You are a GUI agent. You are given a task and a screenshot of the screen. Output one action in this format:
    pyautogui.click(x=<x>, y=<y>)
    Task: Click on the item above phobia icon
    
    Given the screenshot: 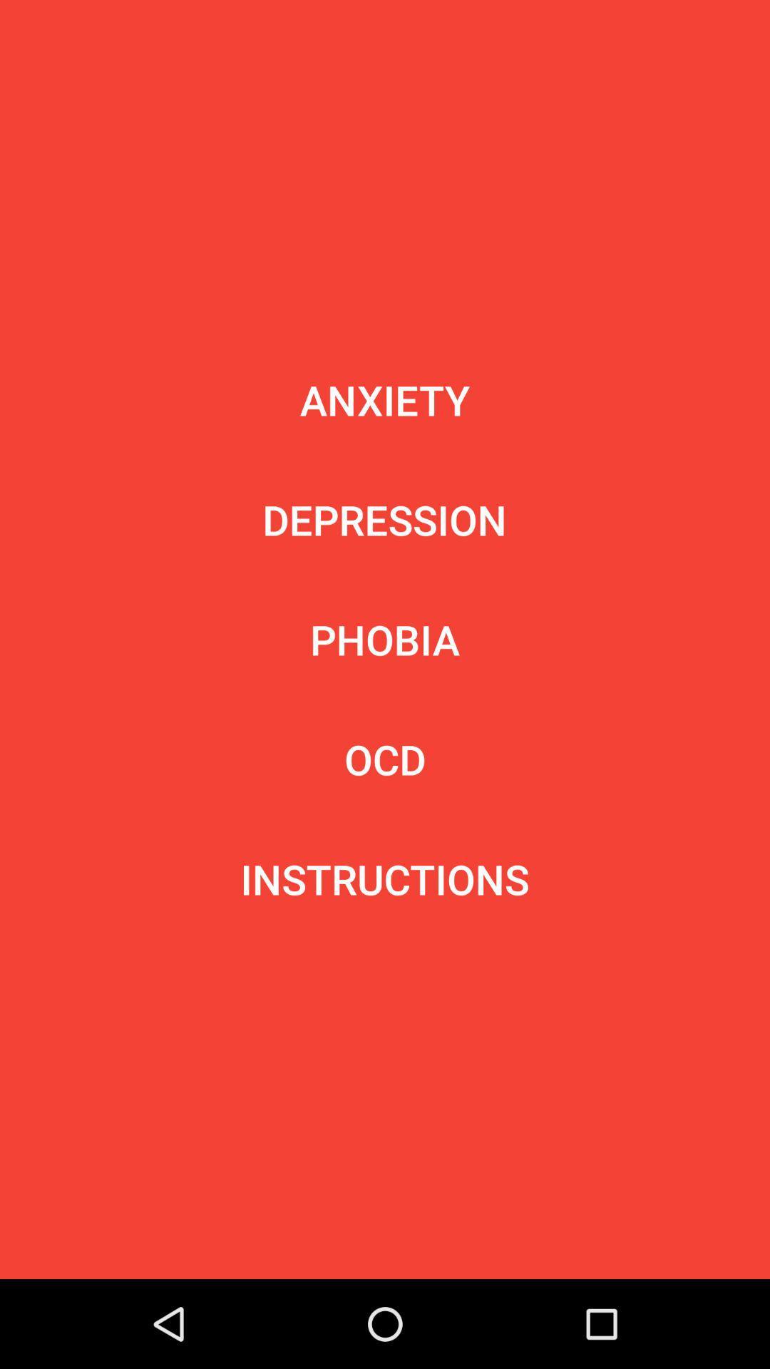 What is the action you would take?
    pyautogui.click(x=384, y=519)
    